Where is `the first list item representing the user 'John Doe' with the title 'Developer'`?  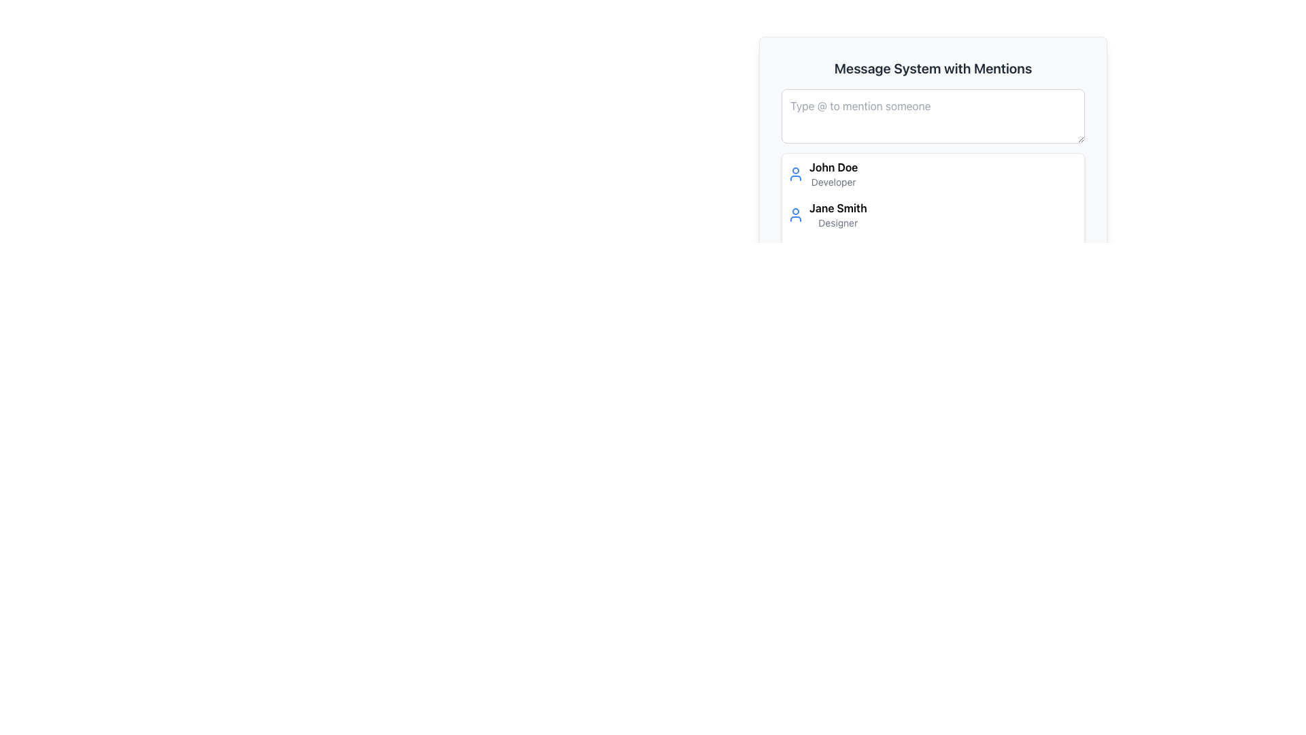
the first list item representing the user 'John Doe' with the title 'Developer' is located at coordinates (933, 173).